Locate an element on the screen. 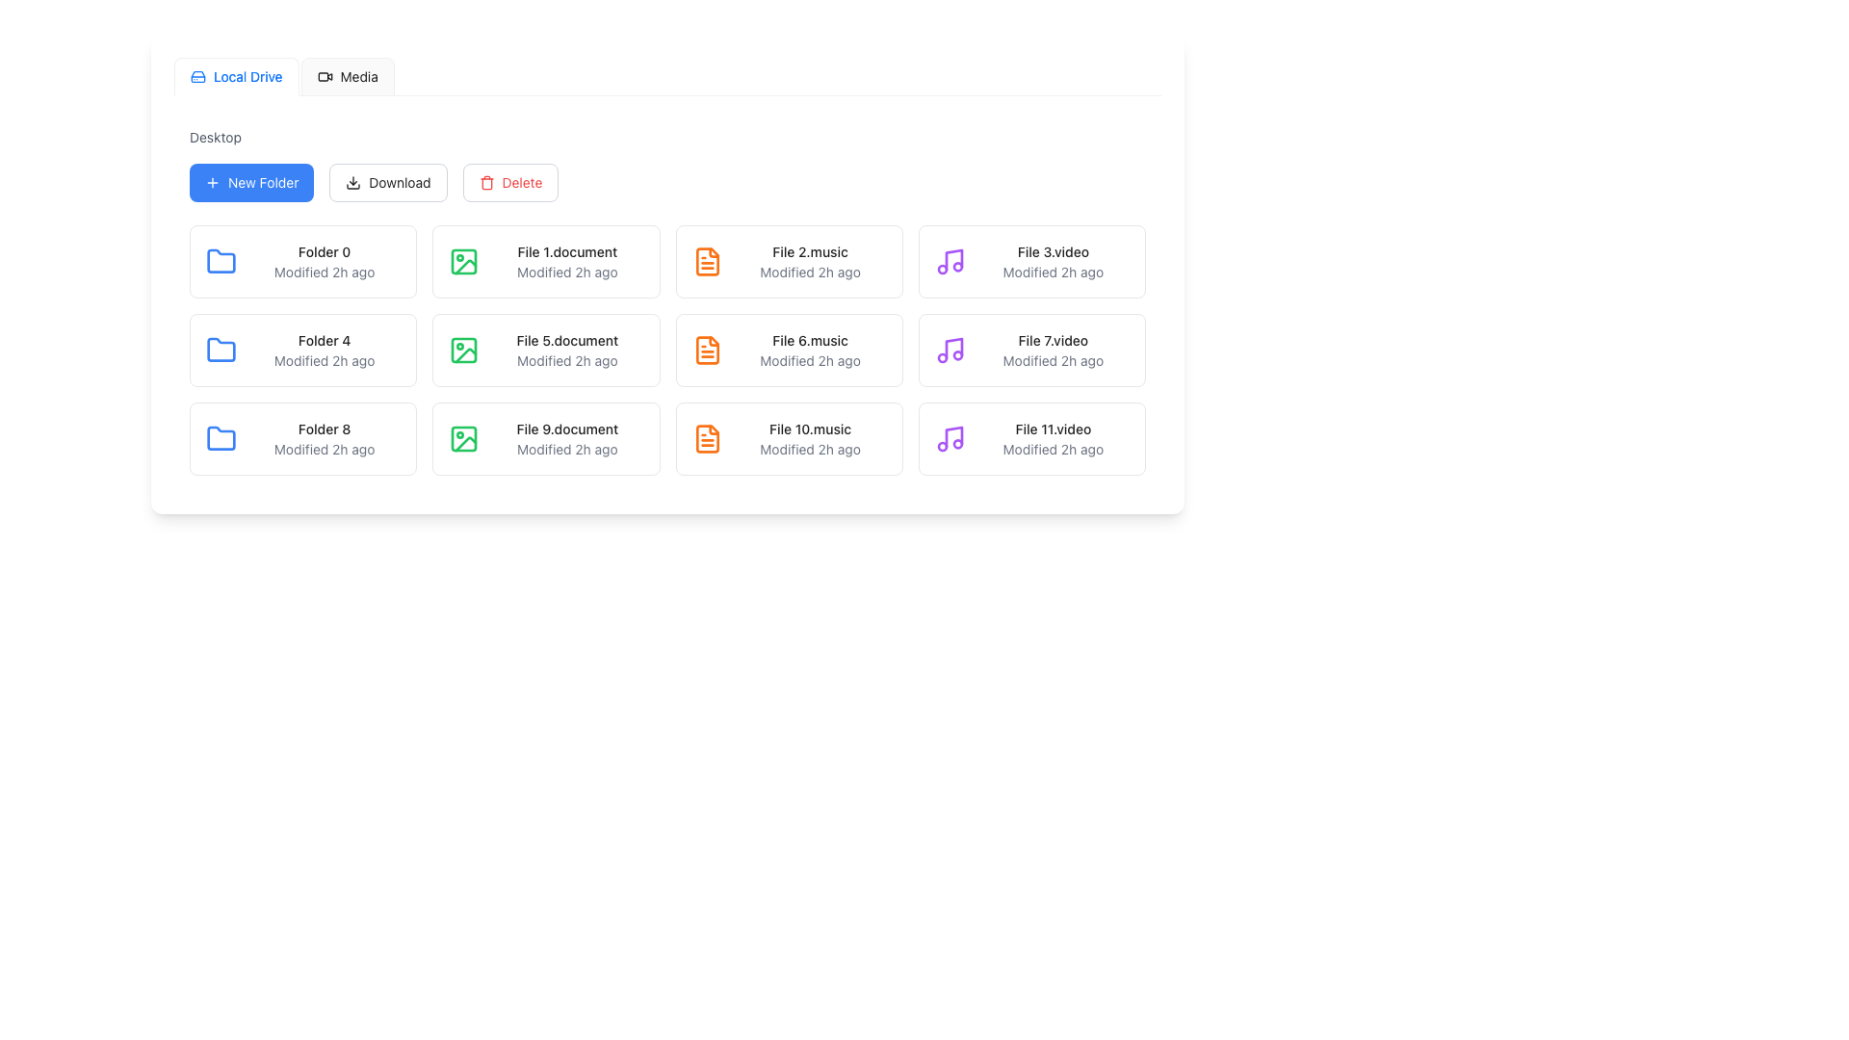 Image resolution: width=1849 pixels, height=1040 pixels. the File entry display row labeled 'File 2.music' is located at coordinates (789, 262).